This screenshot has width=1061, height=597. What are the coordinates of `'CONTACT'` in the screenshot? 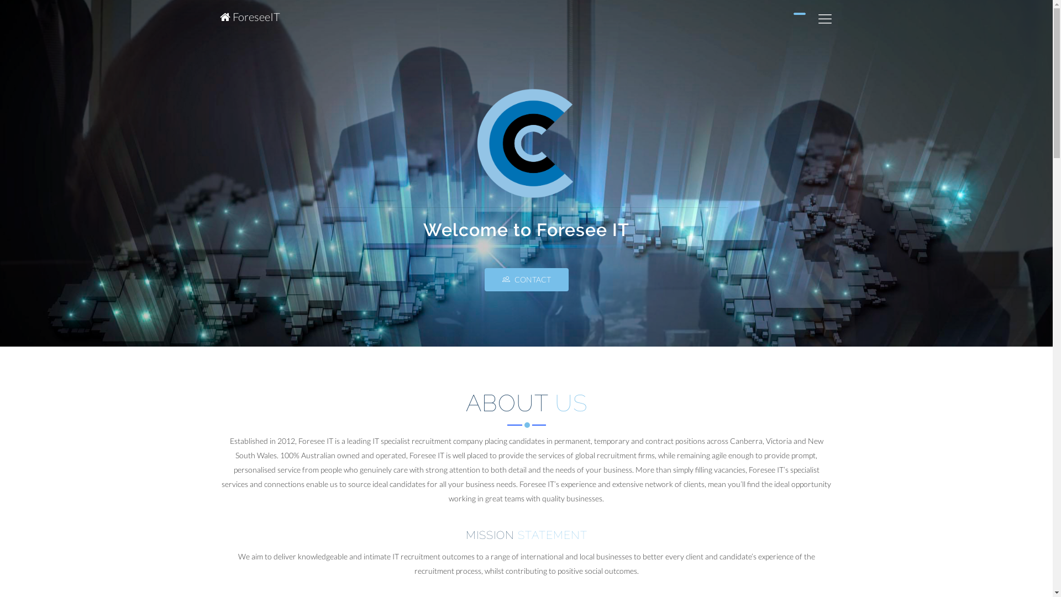 It's located at (525, 279).